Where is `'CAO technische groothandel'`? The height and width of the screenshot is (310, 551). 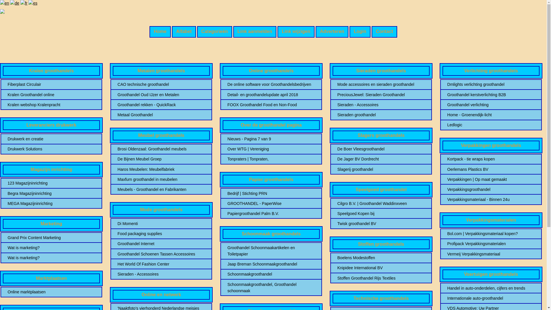 'CAO technische groothandel' is located at coordinates (161, 84).